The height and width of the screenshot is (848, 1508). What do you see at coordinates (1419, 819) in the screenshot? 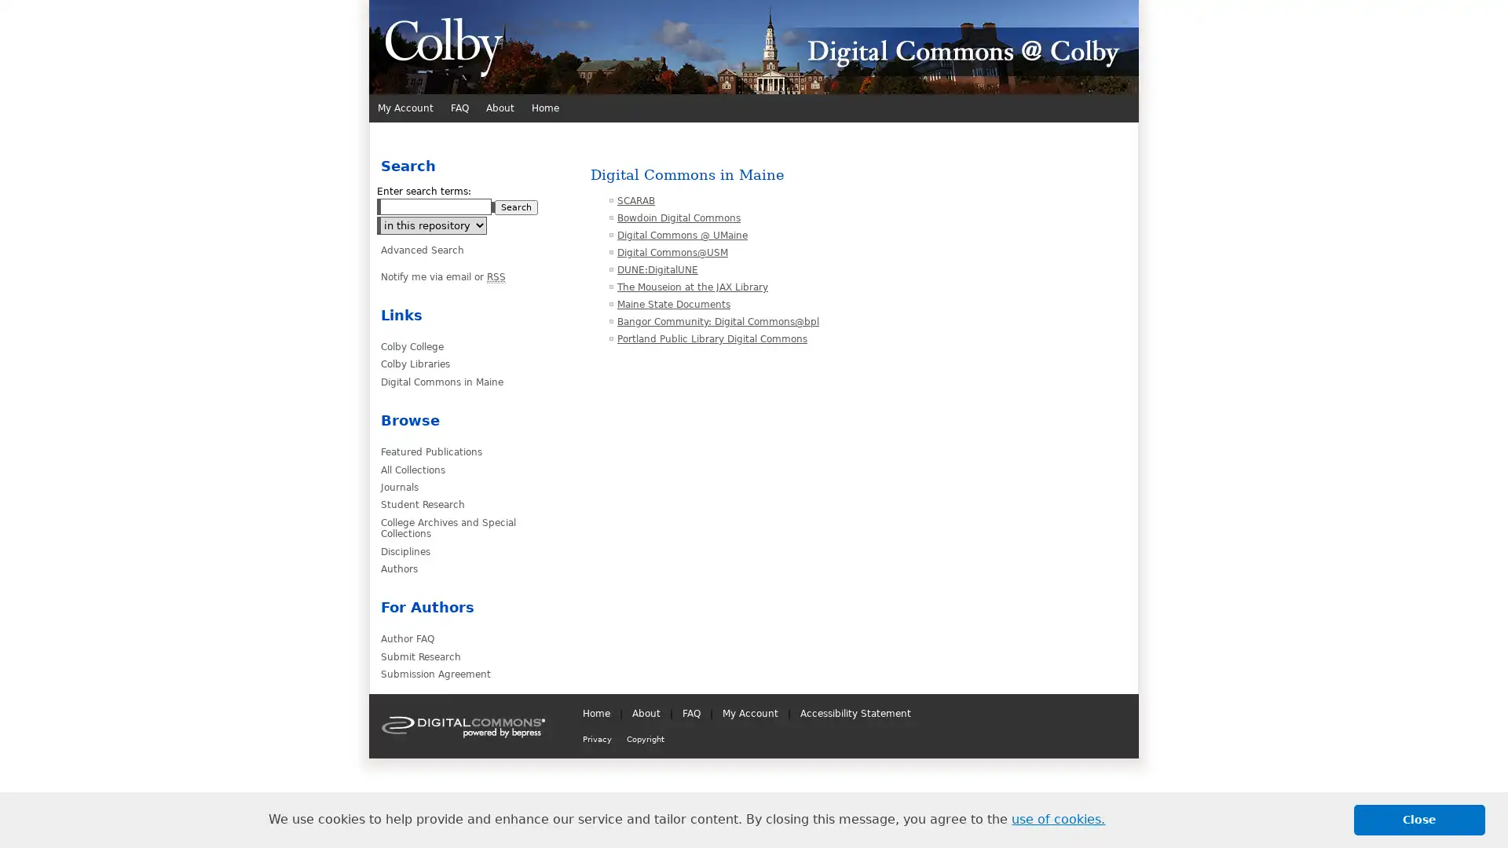
I see `dismiss cookie message` at bounding box center [1419, 819].